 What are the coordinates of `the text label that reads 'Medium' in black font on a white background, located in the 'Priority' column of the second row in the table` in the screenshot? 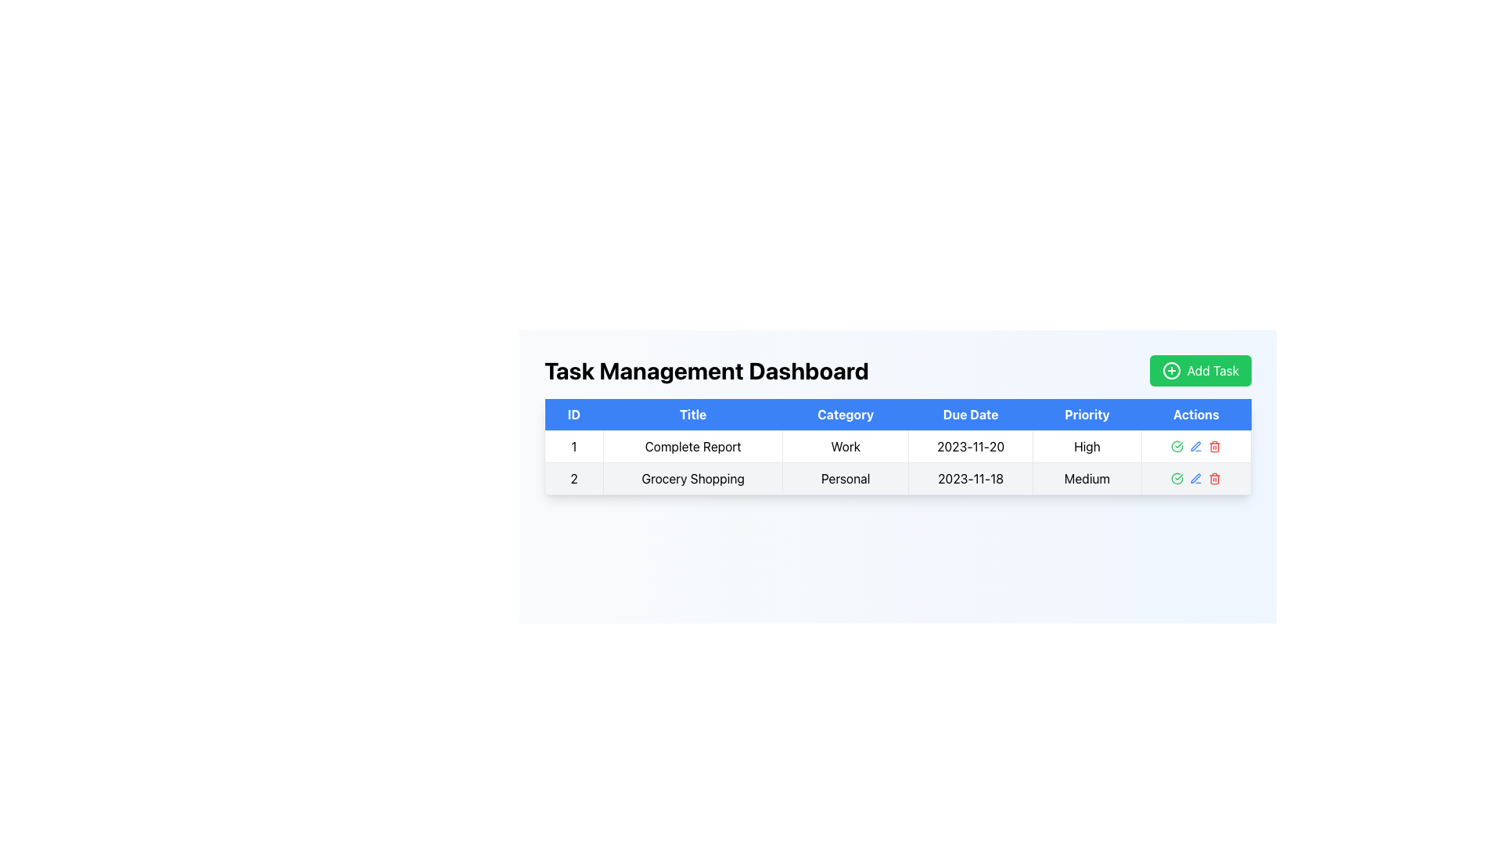 It's located at (1086, 478).